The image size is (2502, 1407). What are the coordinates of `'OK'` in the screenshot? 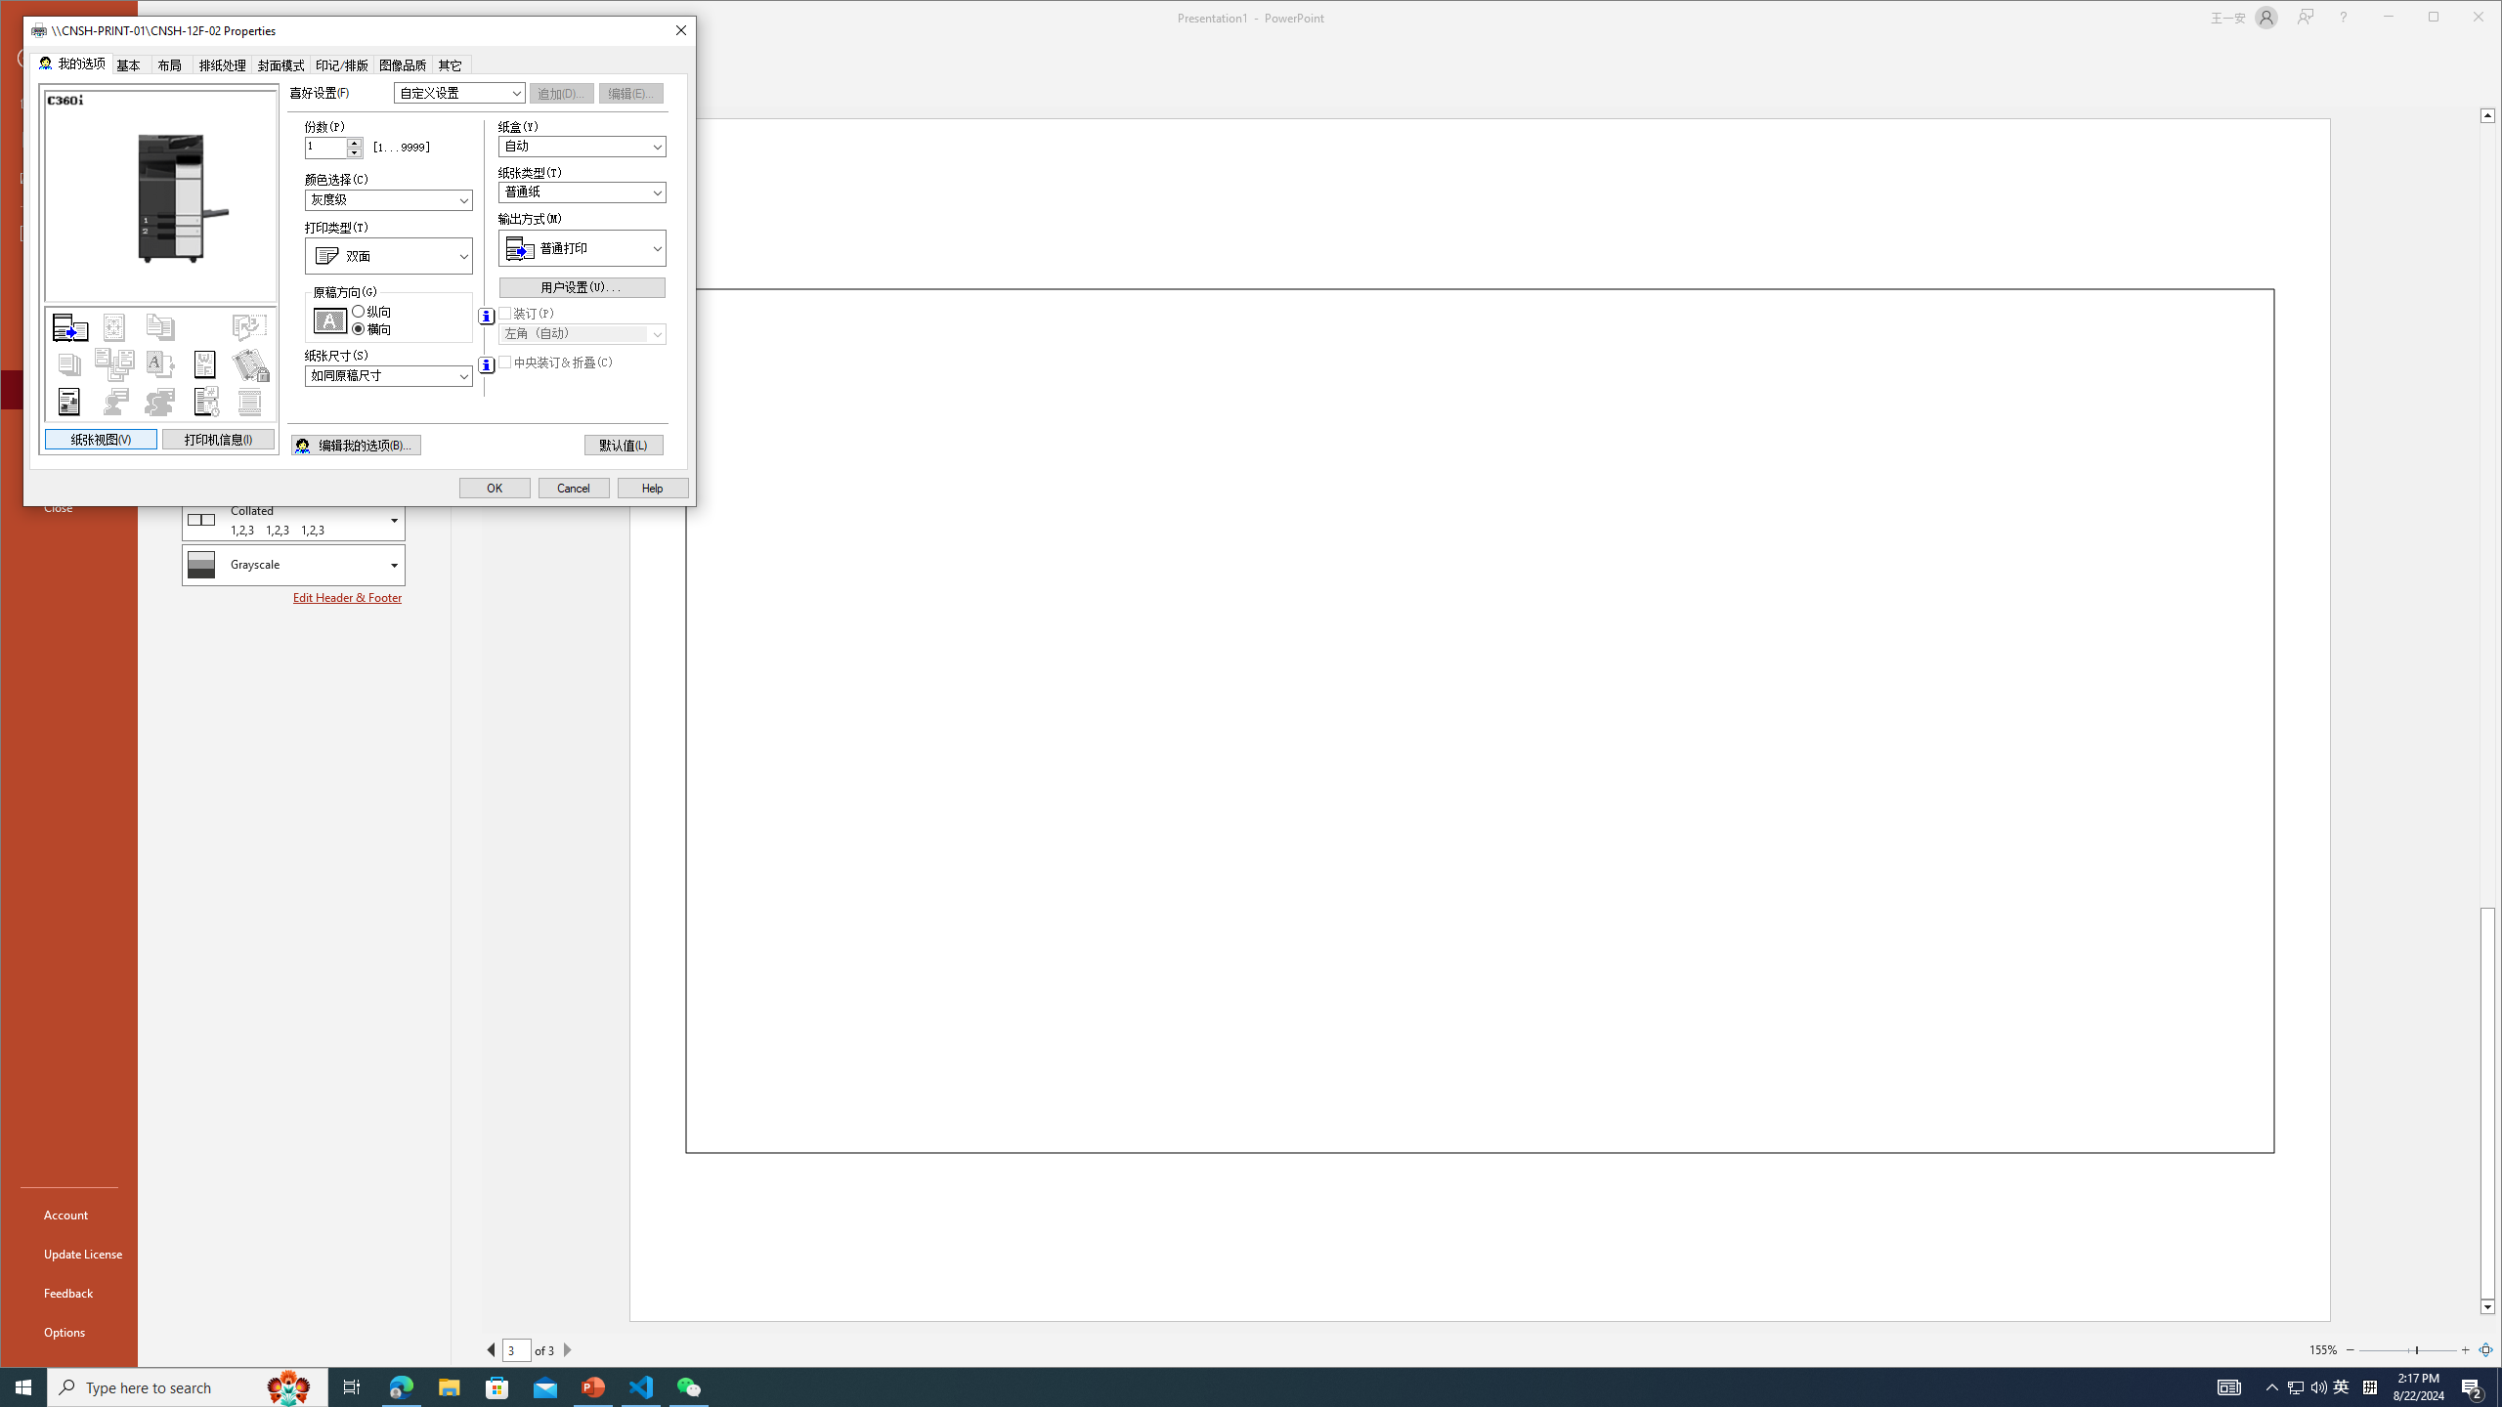 It's located at (494, 487).